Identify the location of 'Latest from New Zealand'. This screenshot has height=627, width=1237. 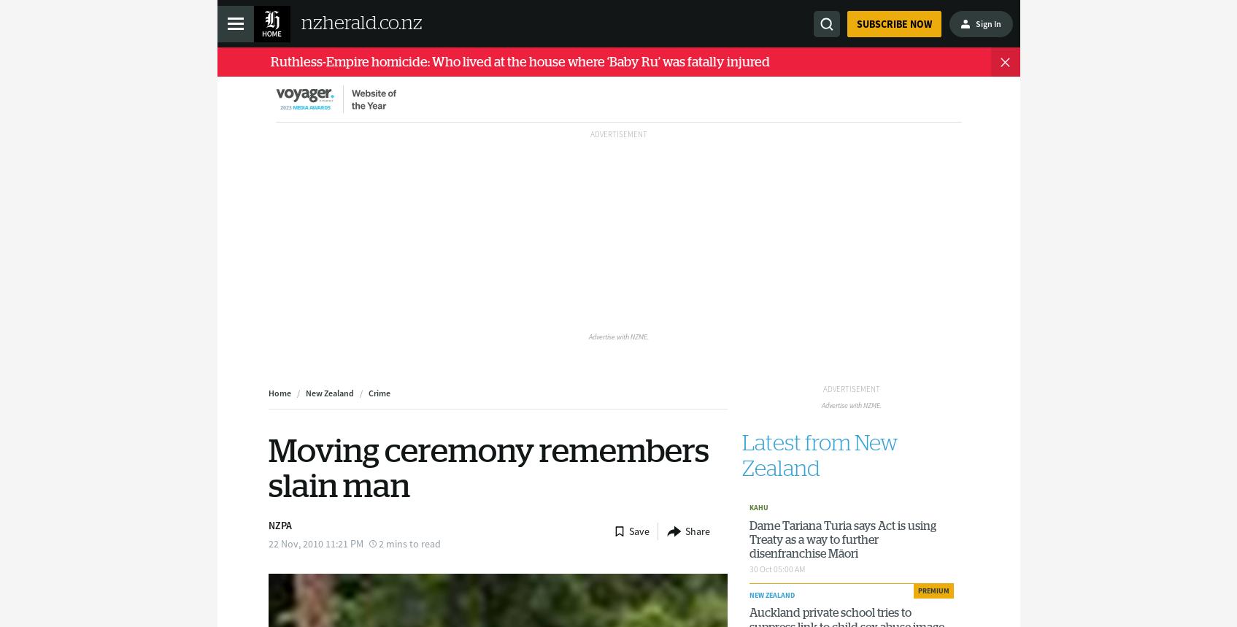
(819, 455).